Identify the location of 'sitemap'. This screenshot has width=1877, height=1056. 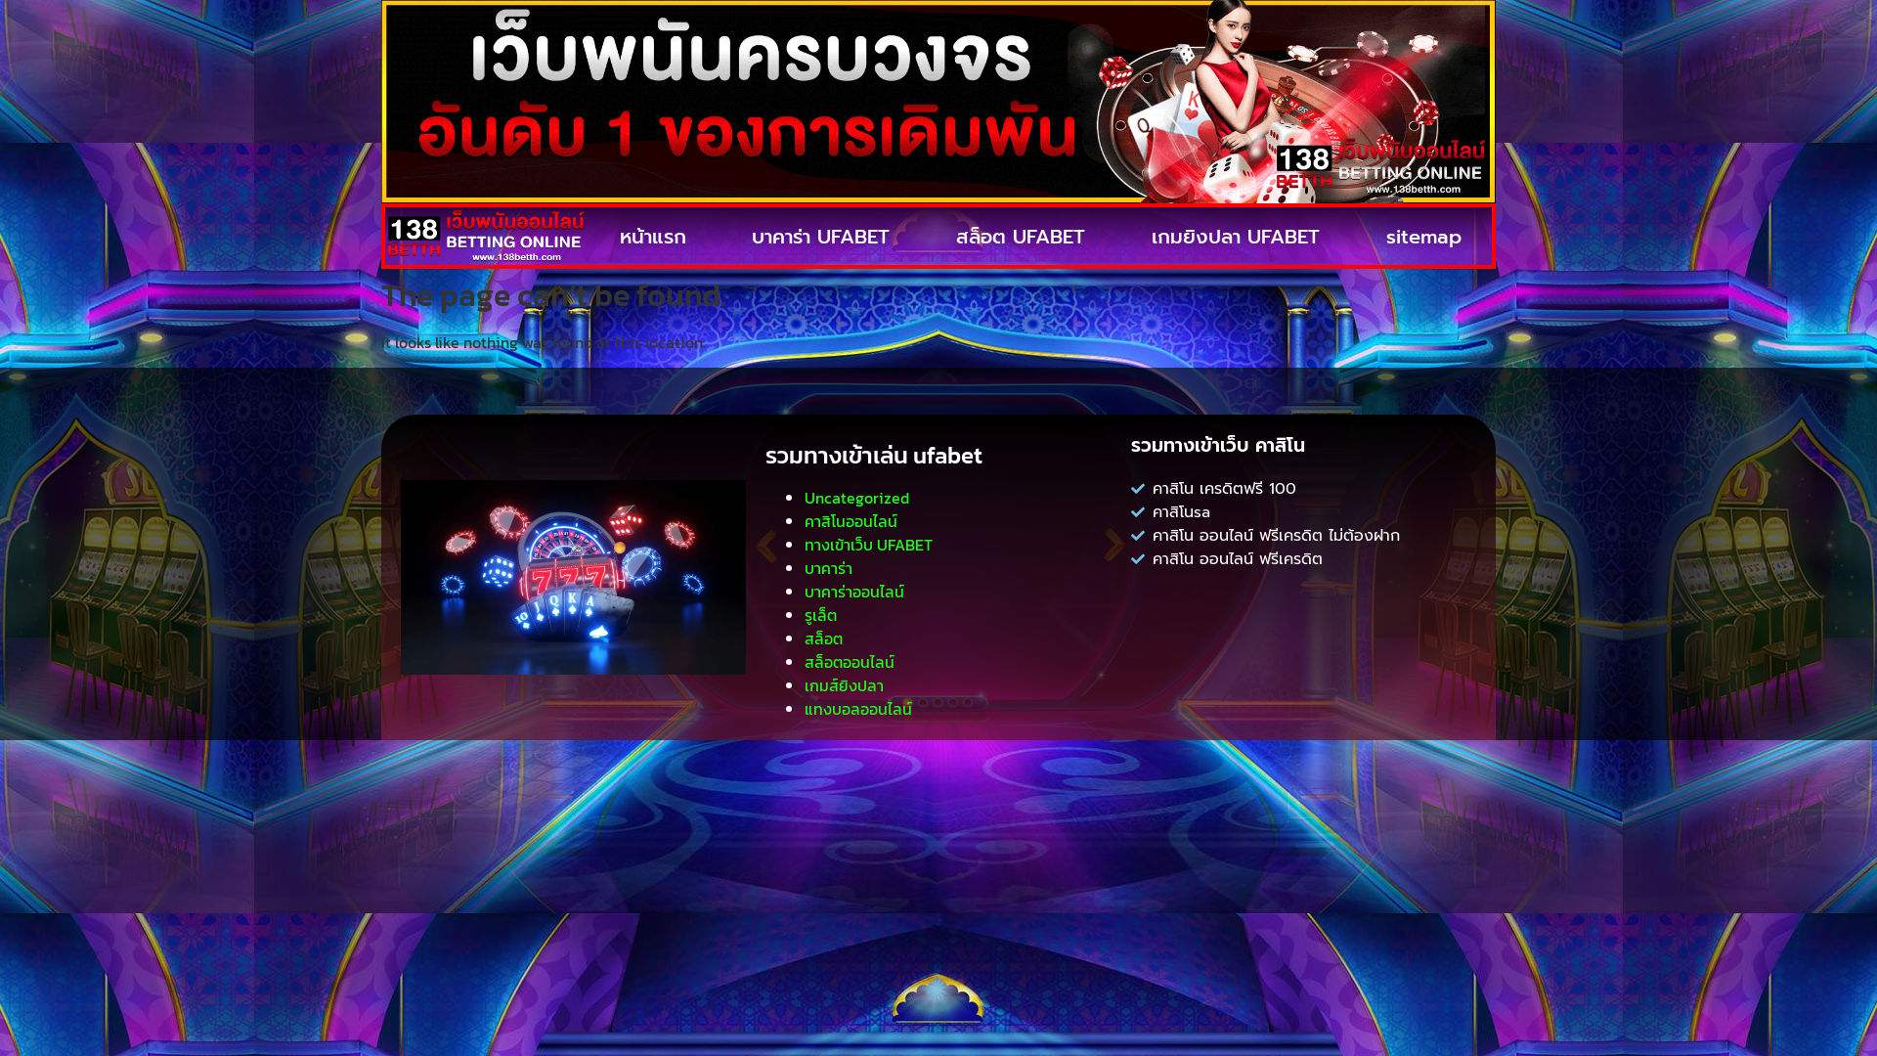
(1422, 236).